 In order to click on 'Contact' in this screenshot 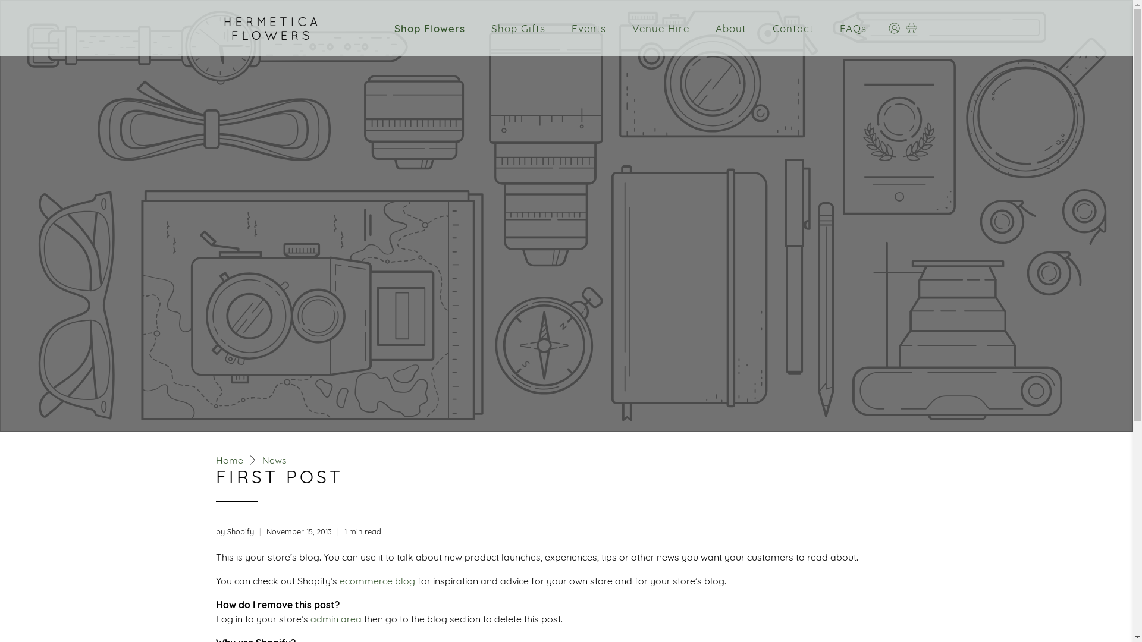, I will do `click(793, 27)`.